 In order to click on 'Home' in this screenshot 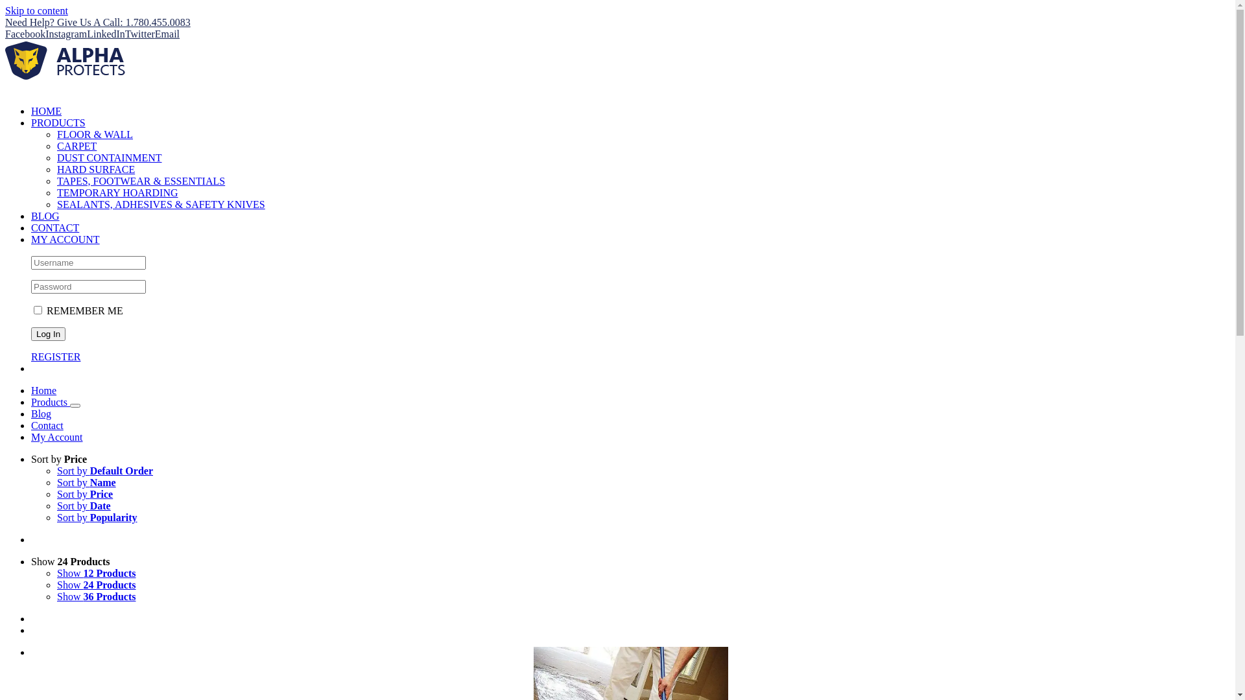, I will do `click(43, 390)`.